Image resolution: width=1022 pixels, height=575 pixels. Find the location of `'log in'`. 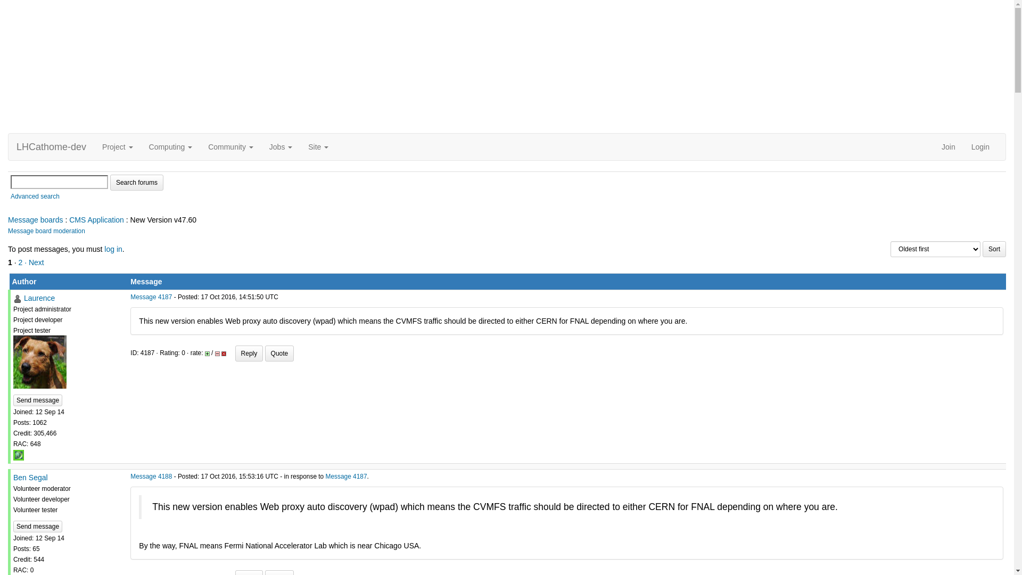

'log in' is located at coordinates (113, 249).